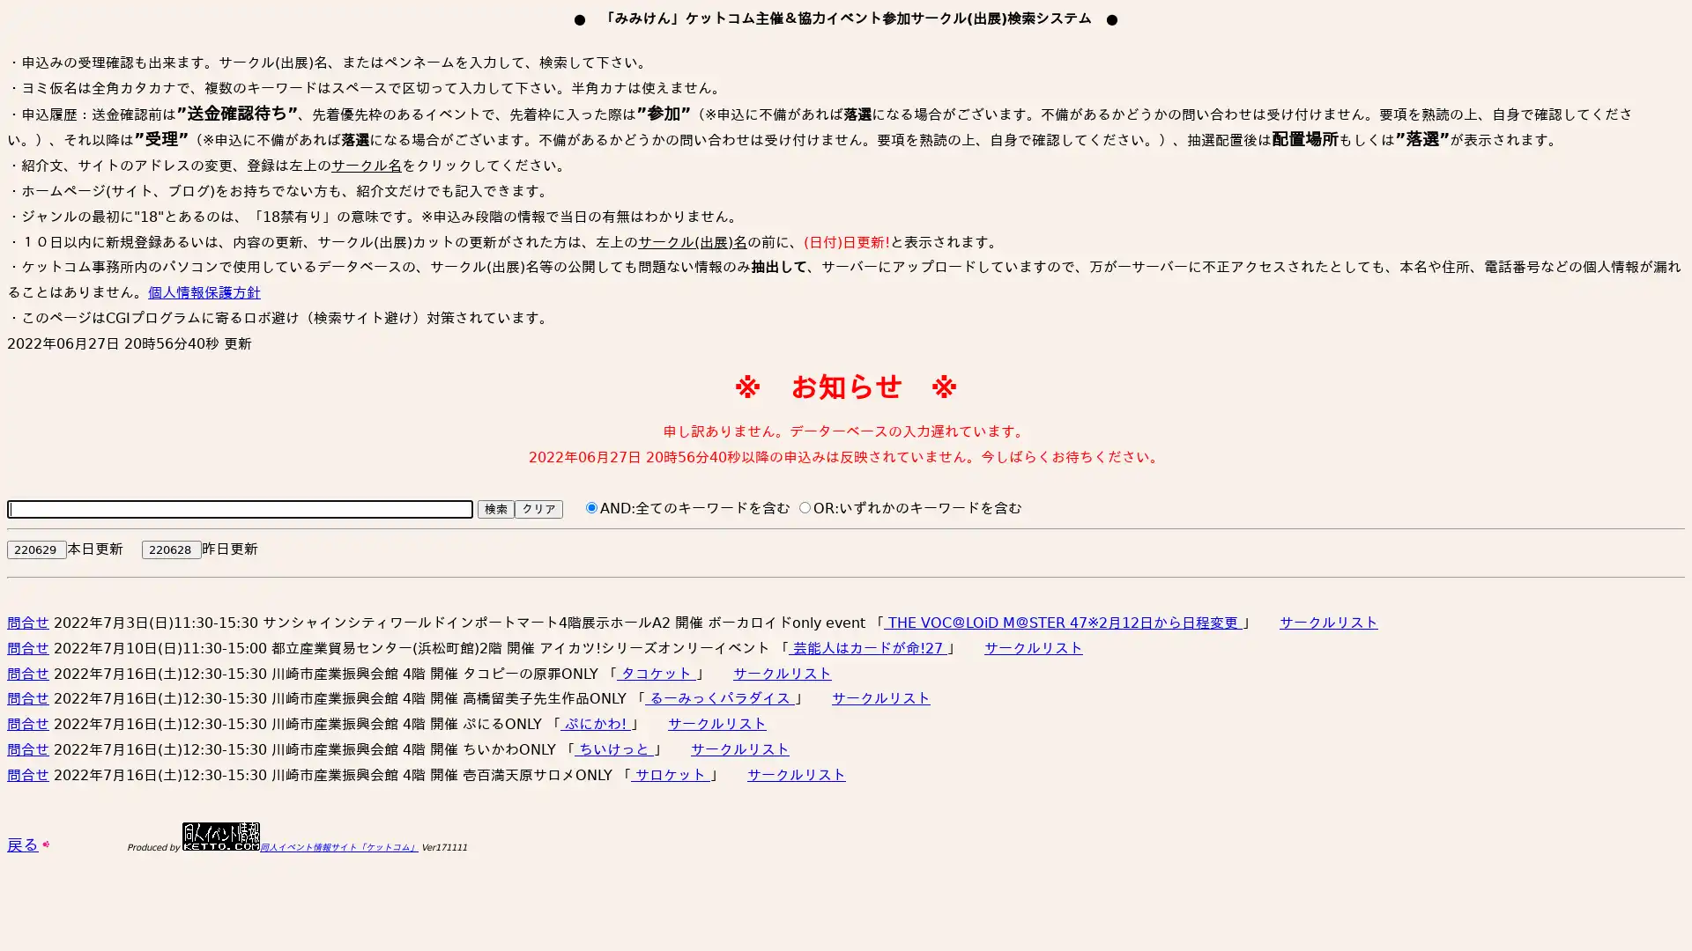 This screenshot has height=951, width=1692. I want to click on 220628, so click(172, 549).